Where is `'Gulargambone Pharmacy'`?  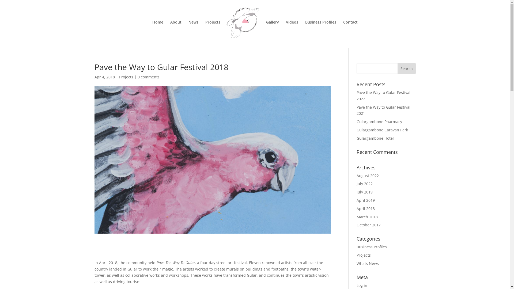 'Gulargambone Pharmacy' is located at coordinates (379, 121).